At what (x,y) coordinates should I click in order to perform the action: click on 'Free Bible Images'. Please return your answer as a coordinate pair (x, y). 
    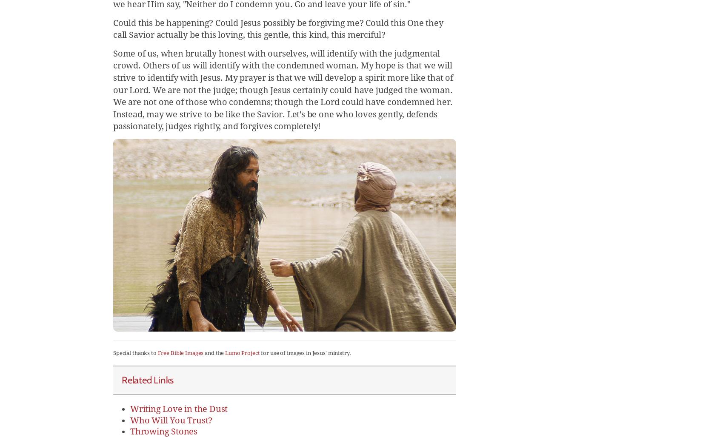
    Looking at the image, I should click on (157, 353).